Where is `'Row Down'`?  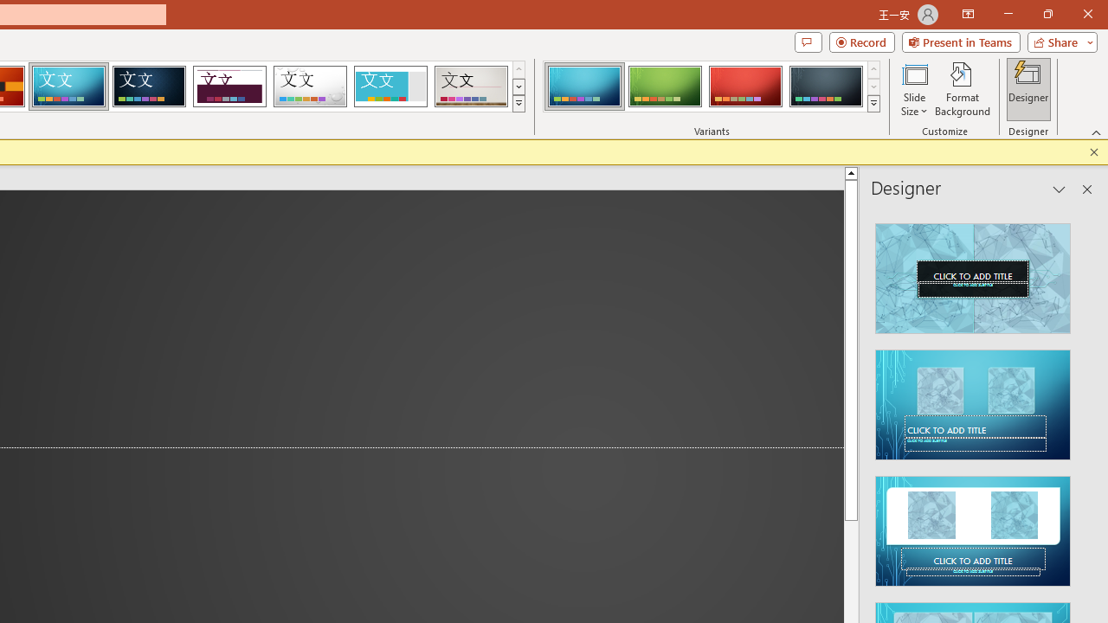 'Row Down' is located at coordinates (873, 87).